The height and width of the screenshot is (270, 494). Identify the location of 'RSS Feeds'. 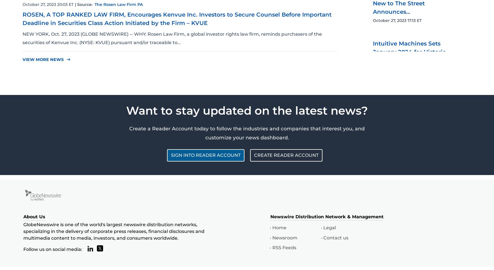
(272, 247).